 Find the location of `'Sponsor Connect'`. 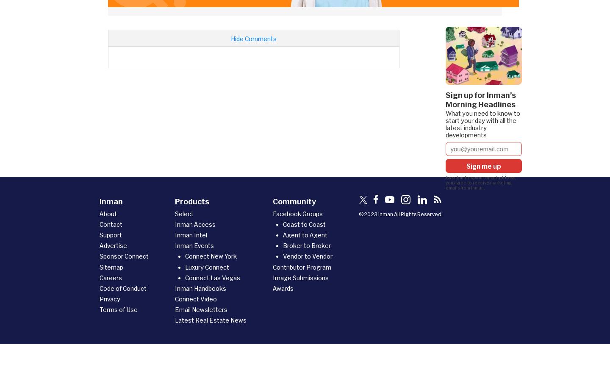

'Sponsor Connect' is located at coordinates (124, 256).